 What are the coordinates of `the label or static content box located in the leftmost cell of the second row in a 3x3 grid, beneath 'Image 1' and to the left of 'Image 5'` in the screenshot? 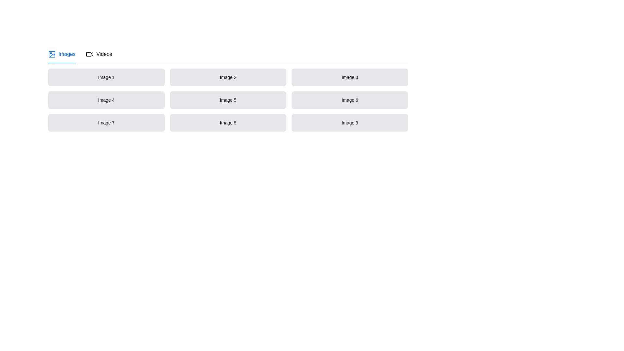 It's located at (106, 100).